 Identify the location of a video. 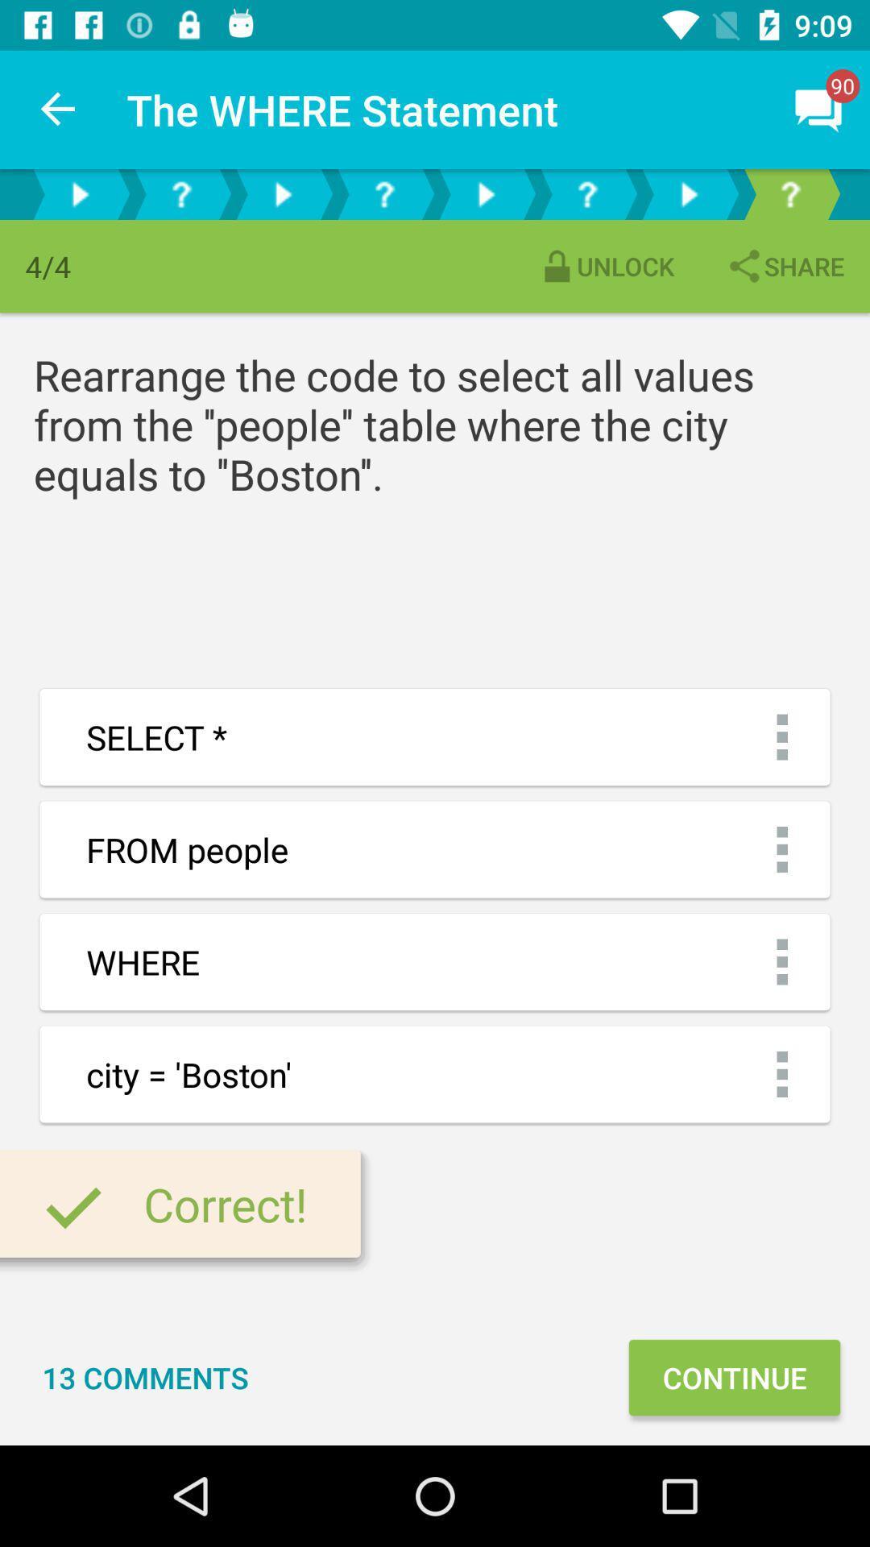
(484, 193).